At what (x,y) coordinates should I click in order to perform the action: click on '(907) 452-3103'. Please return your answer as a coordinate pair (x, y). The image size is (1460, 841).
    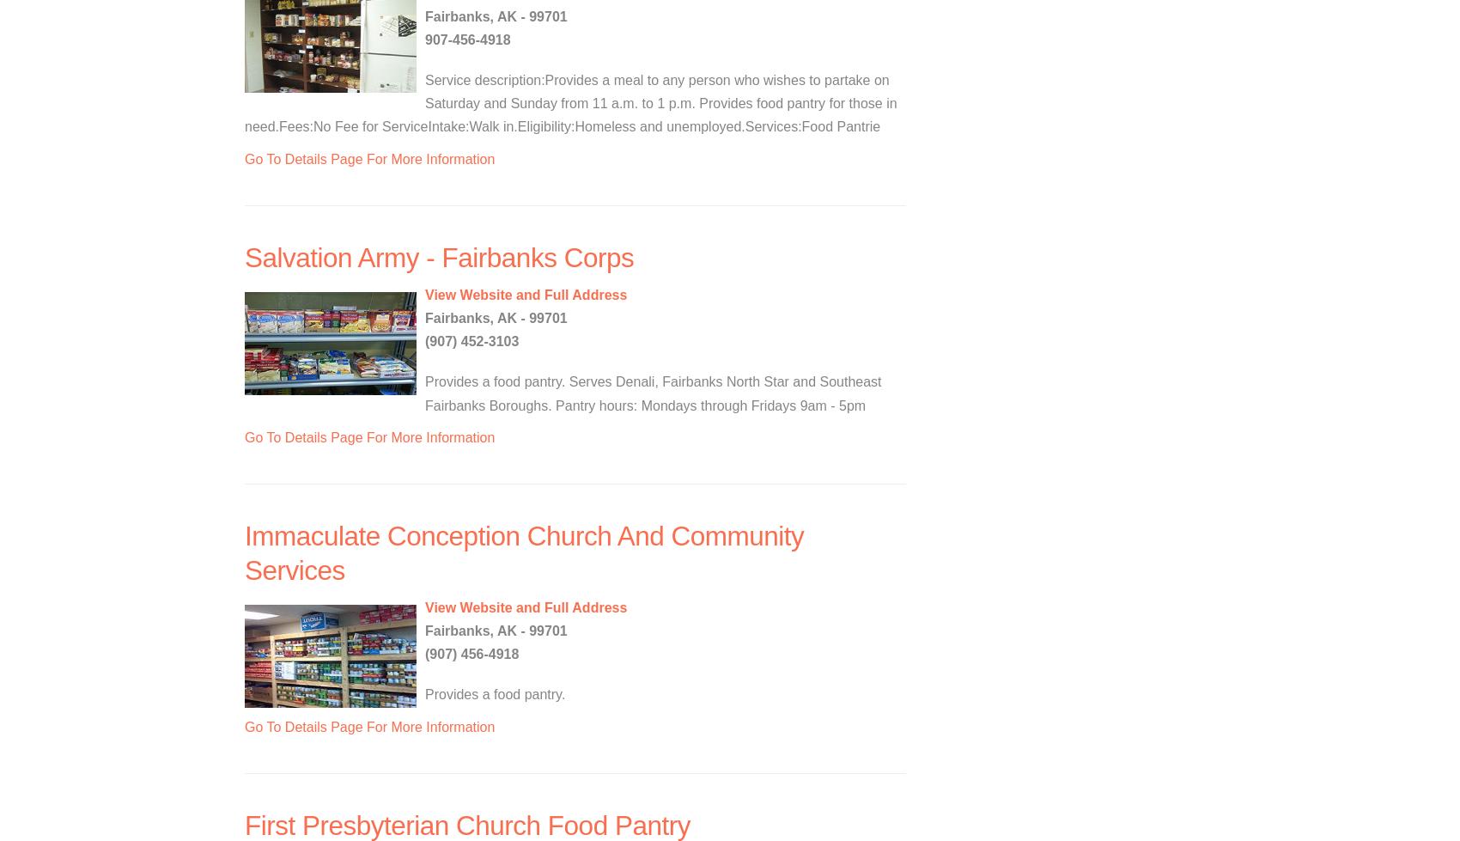
    Looking at the image, I should click on (471, 341).